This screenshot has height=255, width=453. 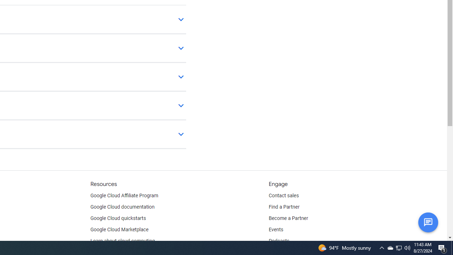 What do you see at coordinates (124, 195) in the screenshot?
I see `'Google Cloud Affiliate Program'` at bounding box center [124, 195].